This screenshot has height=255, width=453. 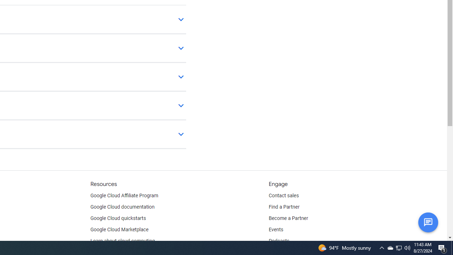 What do you see at coordinates (124, 195) in the screenshot?
I see `'Google Cloud Affiliate Program'` at bounding box center [124, 195].